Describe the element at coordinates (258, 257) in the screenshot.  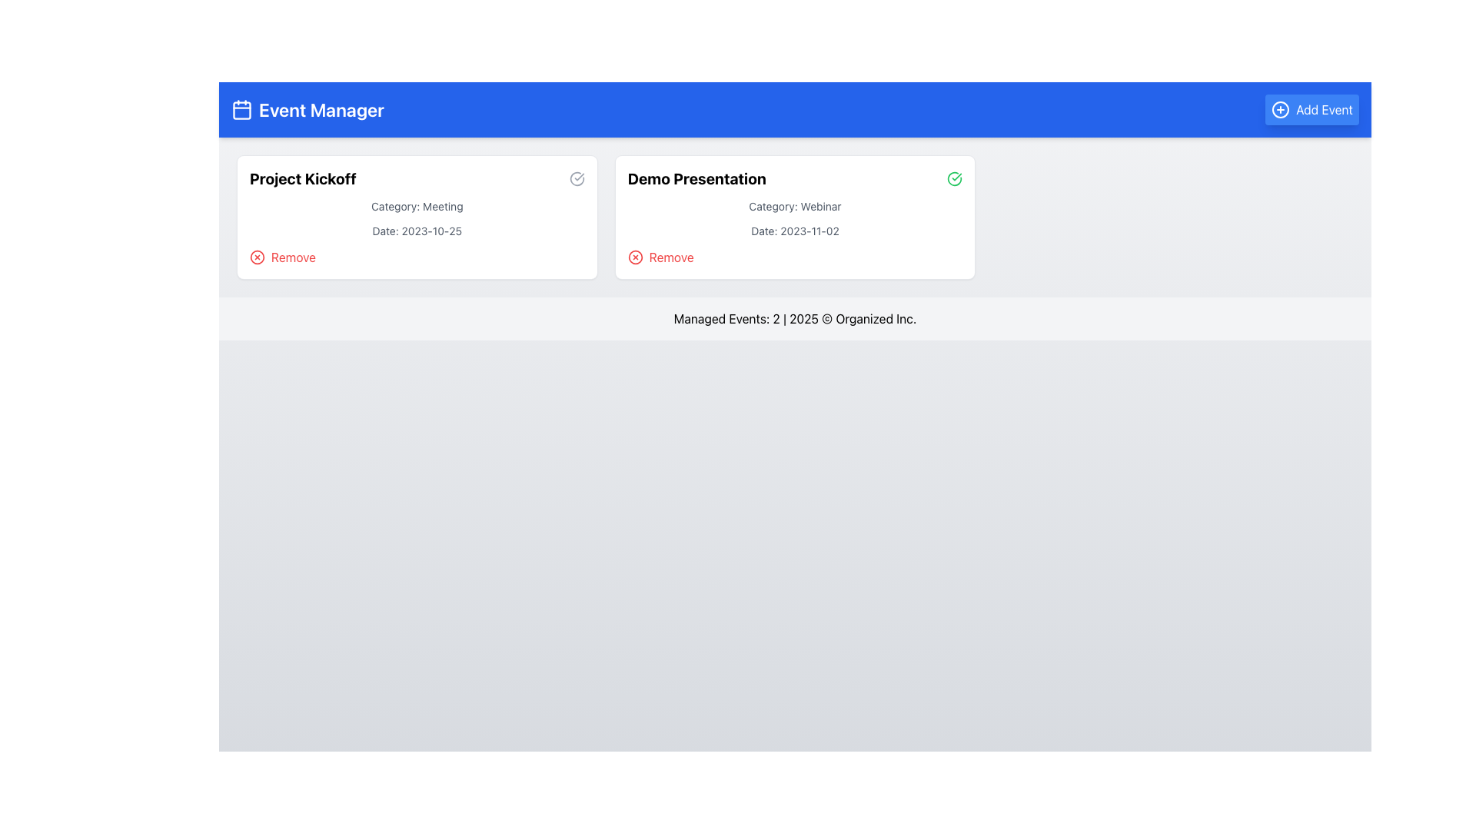
I see `the SVG Circle element located in the top right corner of the 'Demo Presentation' card, which serves as the close button graphic` at that location.